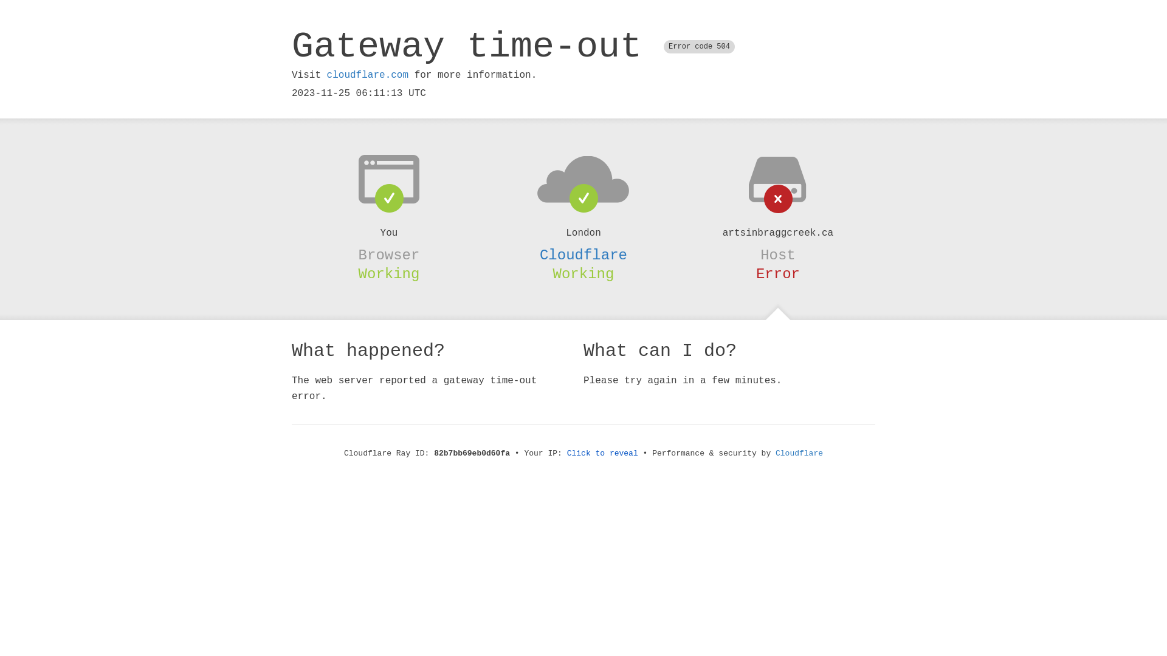 The image size is (1167, 656). What do you see at coordinates (367, 75) in the screenshot?
I see `'cloudflare.com'` at bounding box center [367, 75].